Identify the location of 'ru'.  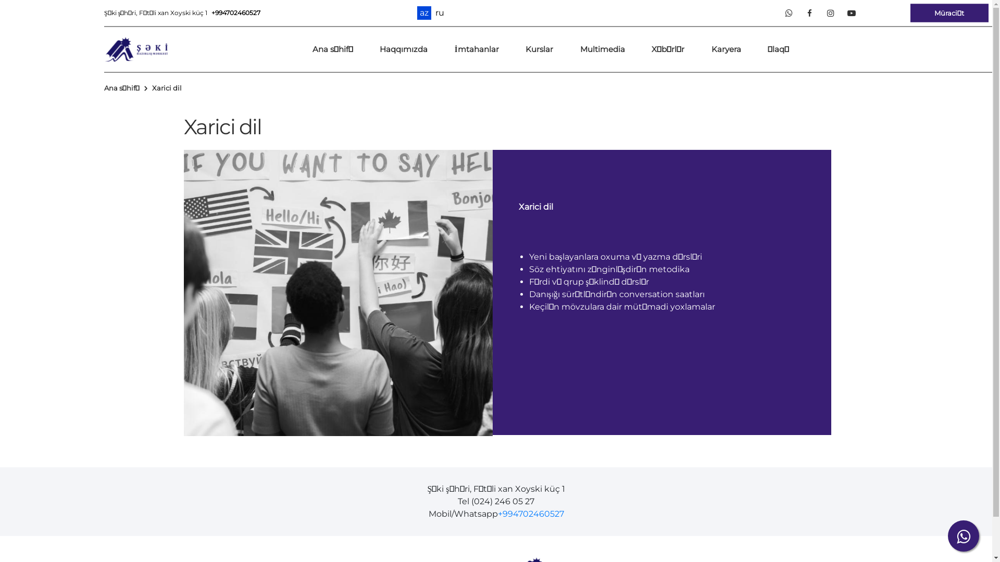
(440, 12).